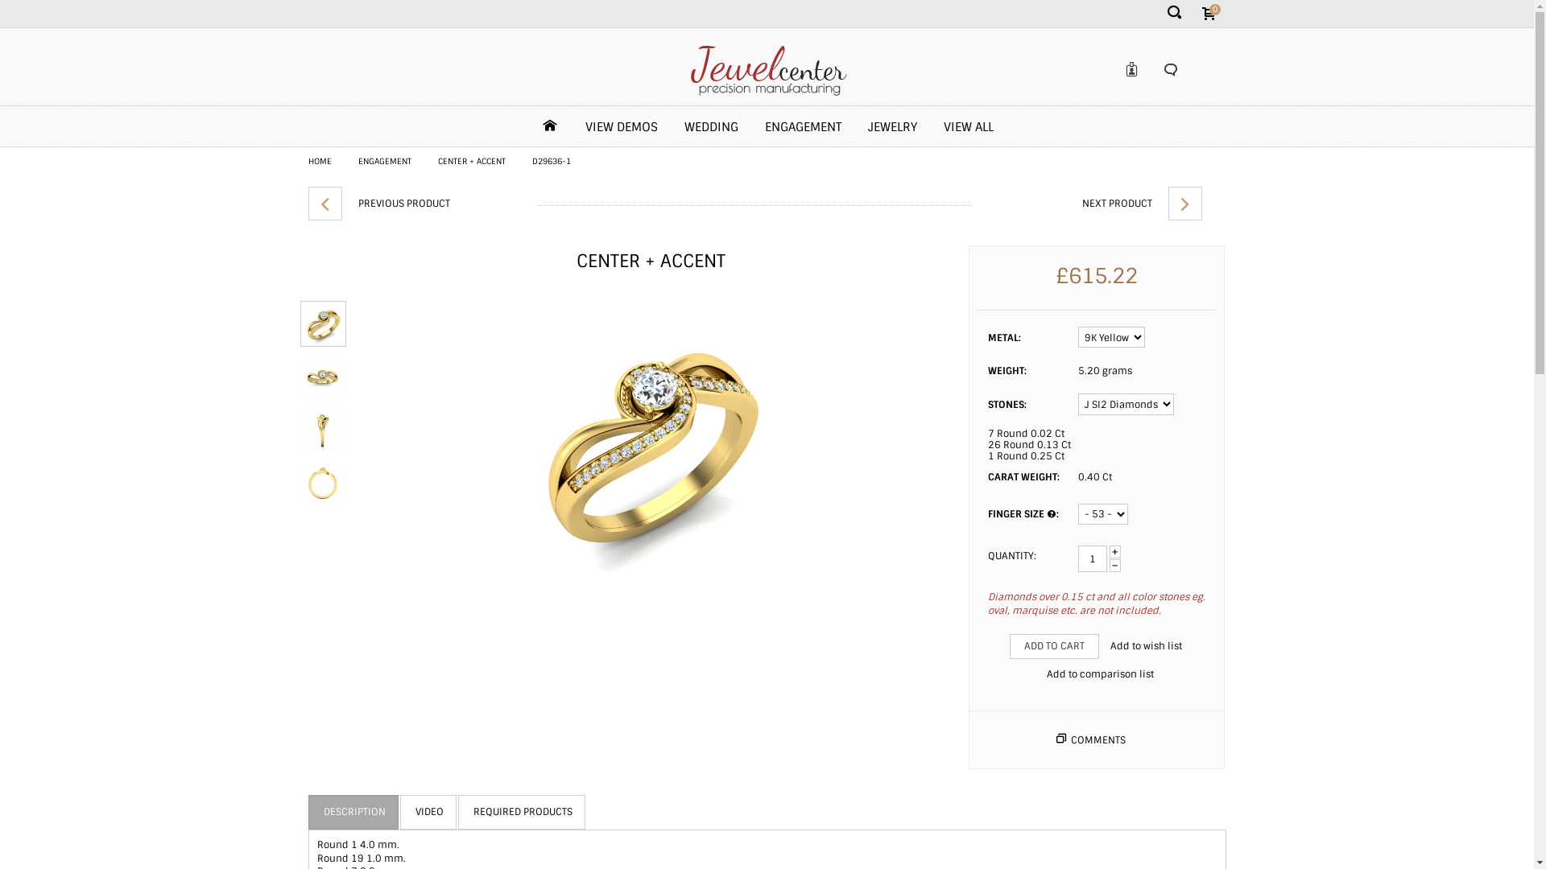 The width and height of the screenshot is (1546, 869). Describe the element at coordinates (1097, 740) in the screenshot. I see `'COMMENTS'` at that location.